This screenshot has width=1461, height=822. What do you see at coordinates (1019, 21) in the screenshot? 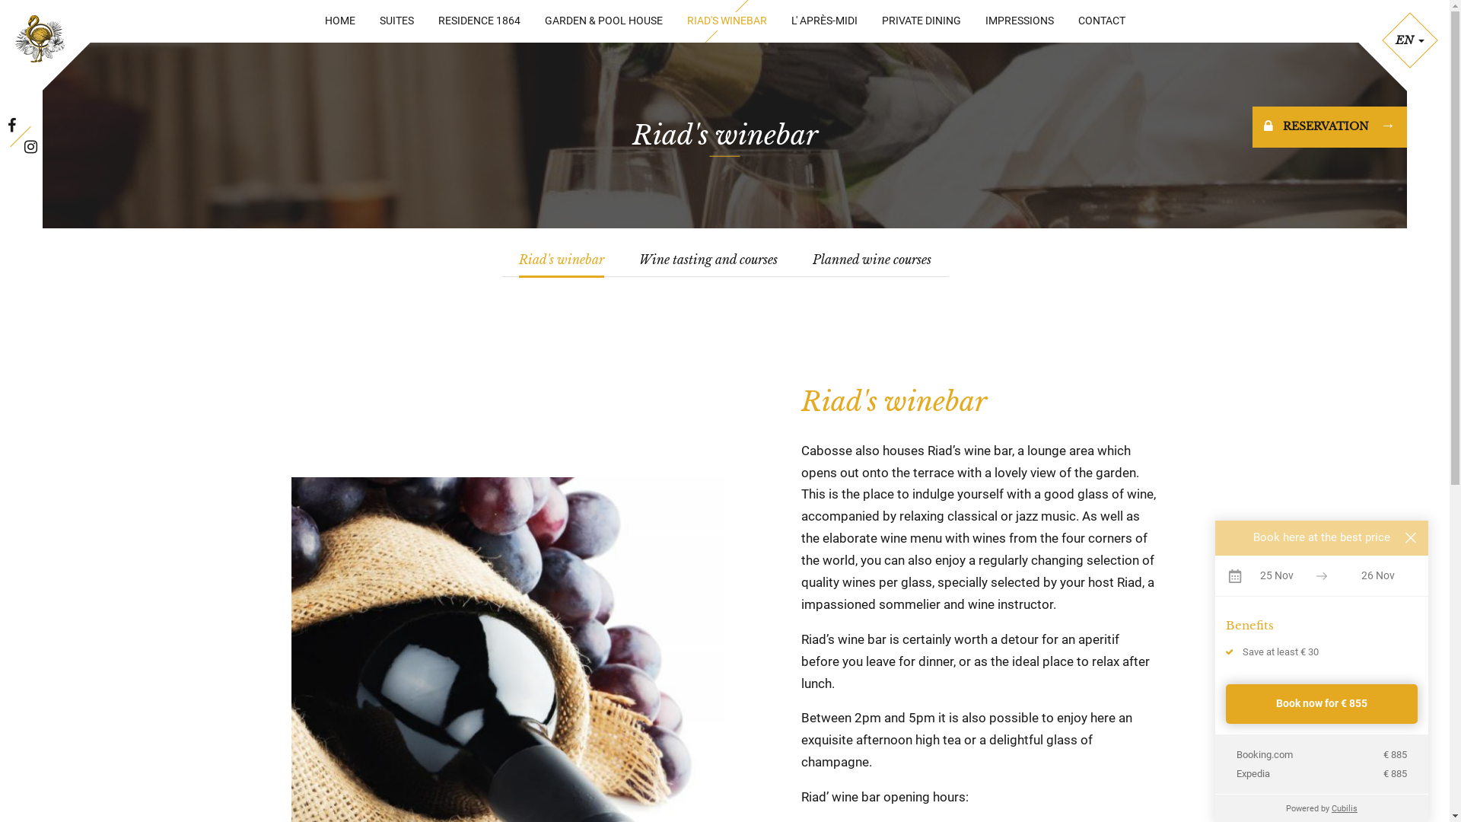
I see `'IMPRESSIONS'` at bounding box center [1019, 21].